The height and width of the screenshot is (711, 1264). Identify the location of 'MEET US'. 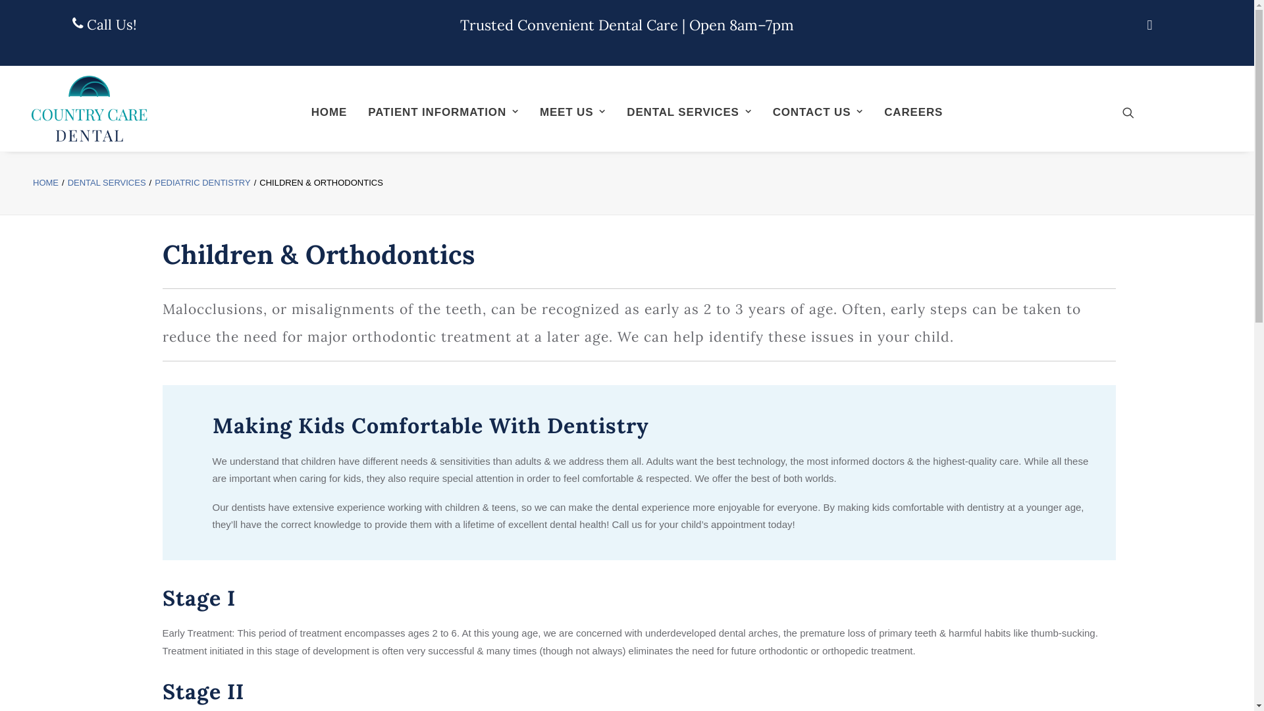
(531, 111).